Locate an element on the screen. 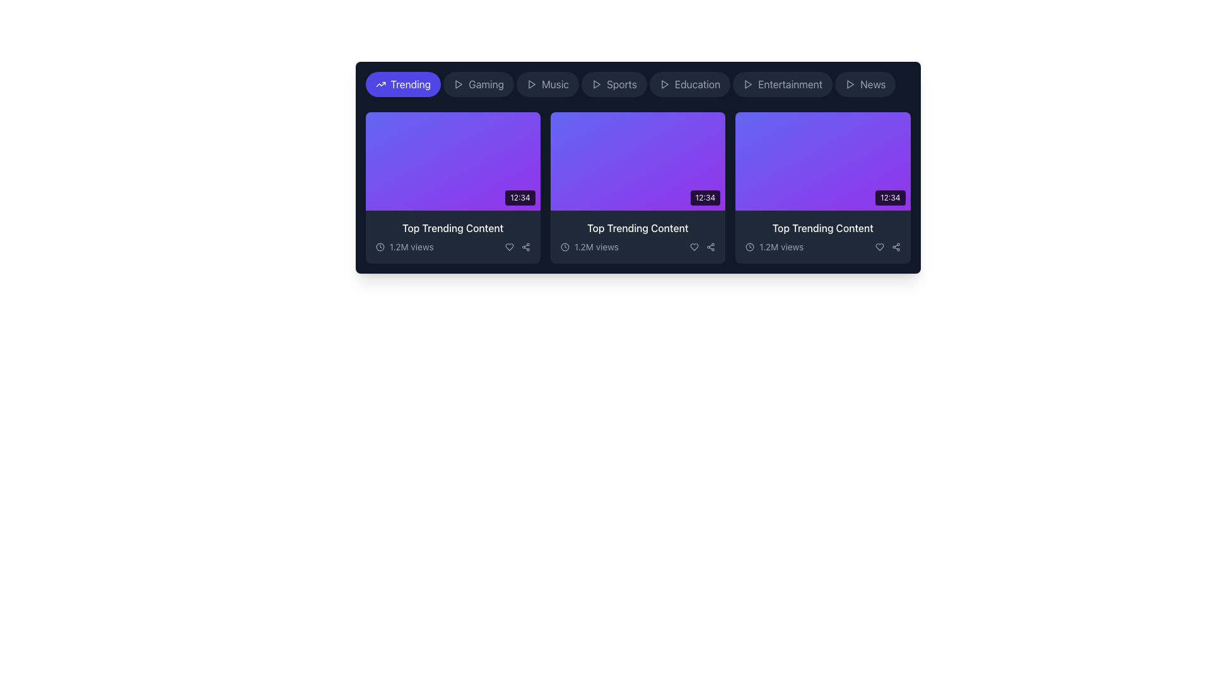  the 'Education' Text Label in the navigation bar is located at coordinates (697, 84).